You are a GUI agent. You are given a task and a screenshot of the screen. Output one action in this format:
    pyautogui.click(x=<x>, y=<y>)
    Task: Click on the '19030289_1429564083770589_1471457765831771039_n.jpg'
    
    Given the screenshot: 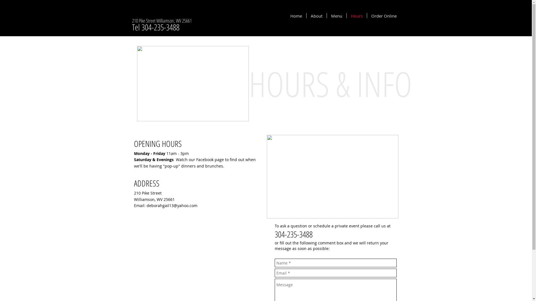 What is the action you would take?
    pyautogui.click(x=332, y=176)
    